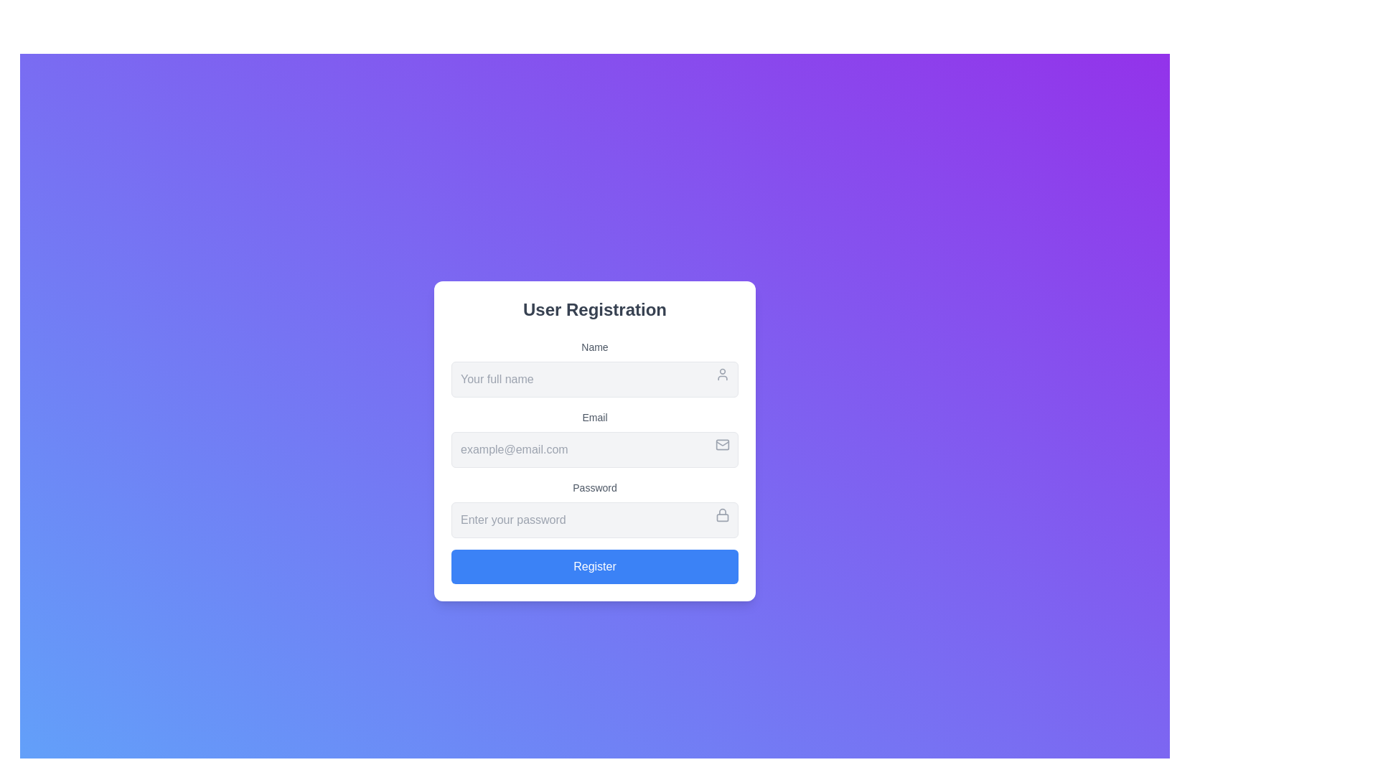 The width and height of the screenshot is (1378, 775). What do you see at coordinates (723, 514) in the screenshot?
I see `the decorative SVG icon indicating the password input field, which symbolizes security or privacy` at bounding box center [723, 514].